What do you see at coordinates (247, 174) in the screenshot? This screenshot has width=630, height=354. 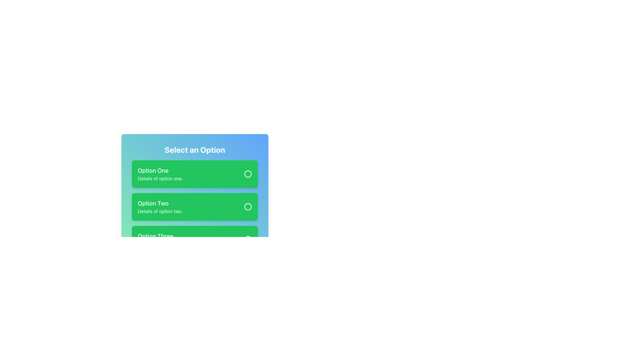 I see `the first radio button in the vertical list near the right edge of the 'Option One' area` at bounding box center [247, 174].